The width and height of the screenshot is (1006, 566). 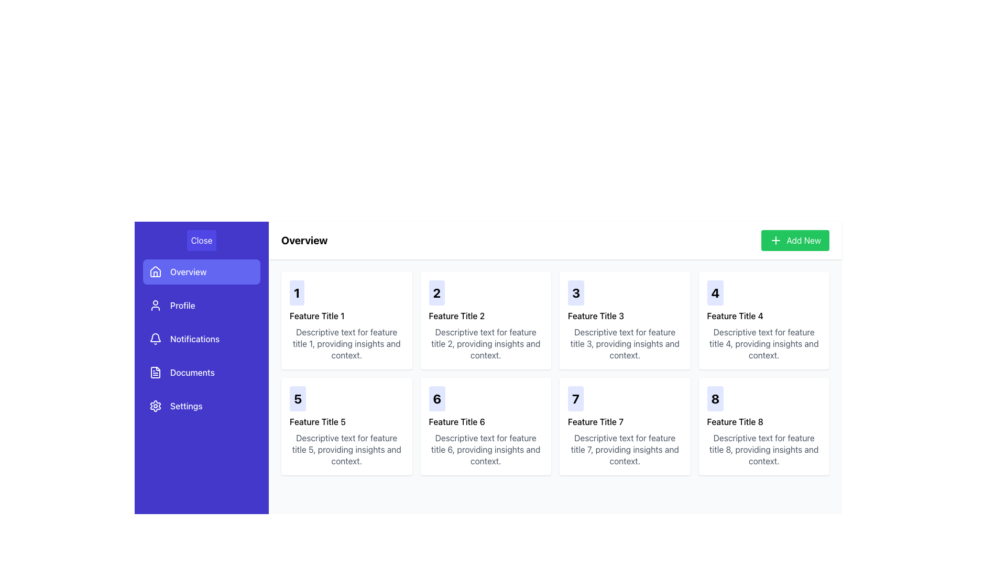 What do you see at coordinates (155, 274) in the screenshot?
I see `the door element located at the bottom of the house icon in the left navigation bar next to the 'Overview' text` at bounding box center [155, 274].